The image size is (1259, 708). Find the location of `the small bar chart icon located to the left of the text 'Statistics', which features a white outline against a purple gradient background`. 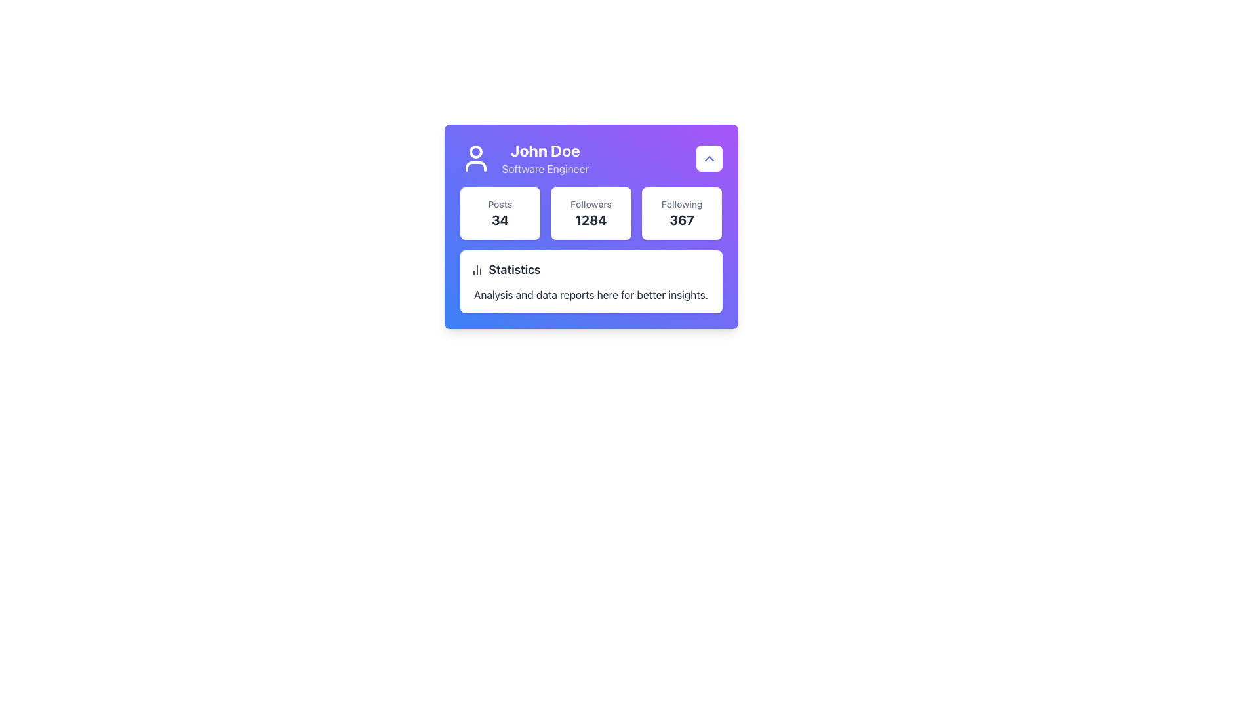

the small bar chart icon located to the left of the text 'Statistics', which features a white outline against a purple gradient background is located at coordinates (476, 269).